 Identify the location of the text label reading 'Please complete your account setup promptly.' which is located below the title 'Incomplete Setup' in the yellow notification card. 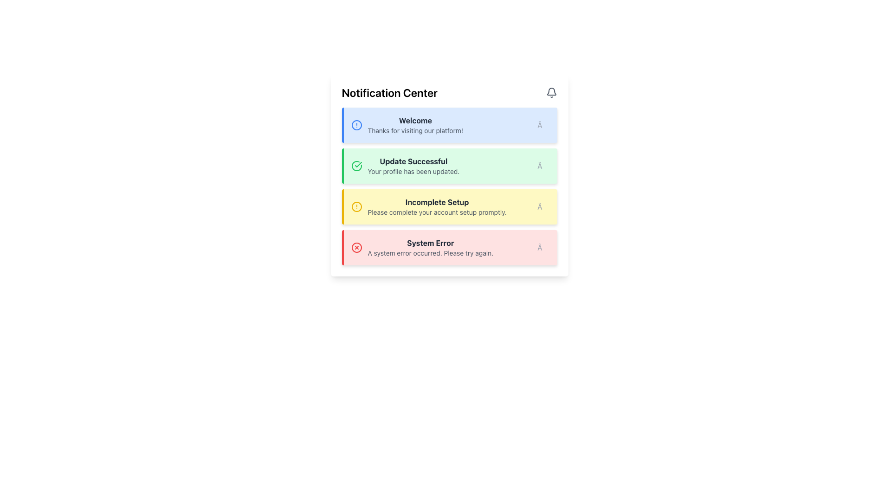
(437, 212).